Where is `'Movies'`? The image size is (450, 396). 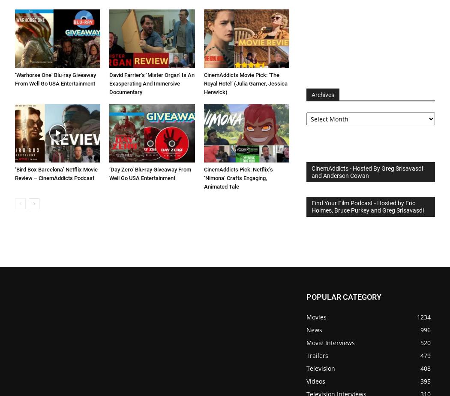
'Movies' is located at coordinates (316, 317).